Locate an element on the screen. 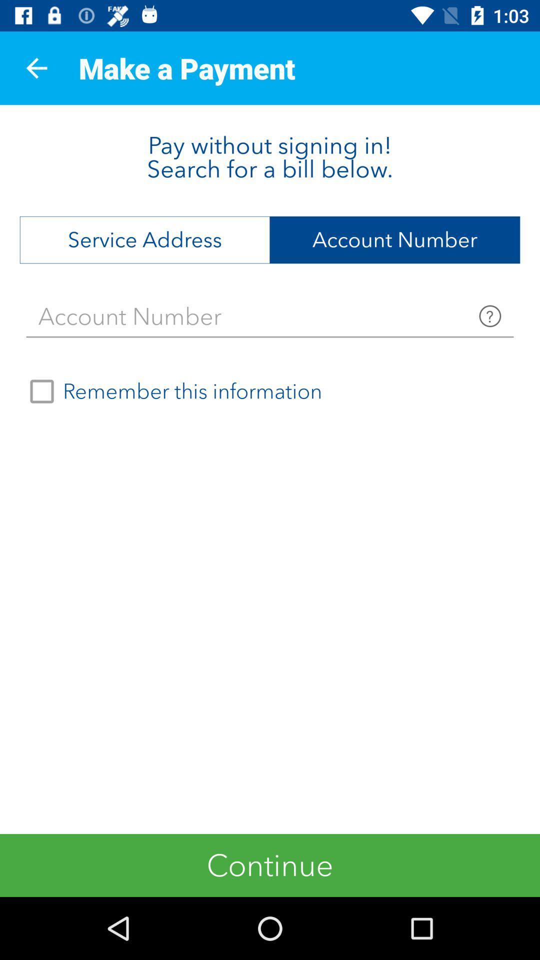 This screenshot has width=540, height=960. the continue is located at coordinates (270, 865).